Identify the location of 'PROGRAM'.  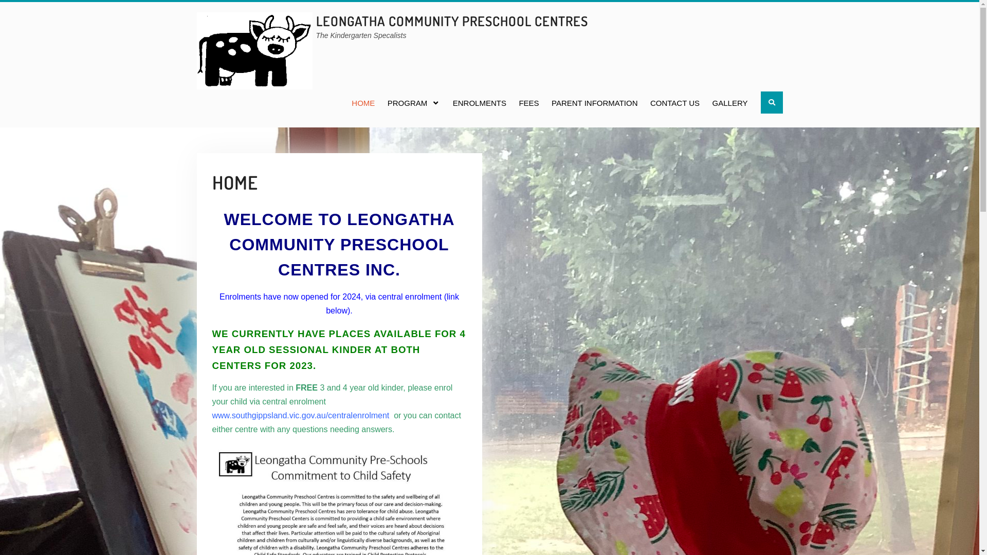
(414, 103).